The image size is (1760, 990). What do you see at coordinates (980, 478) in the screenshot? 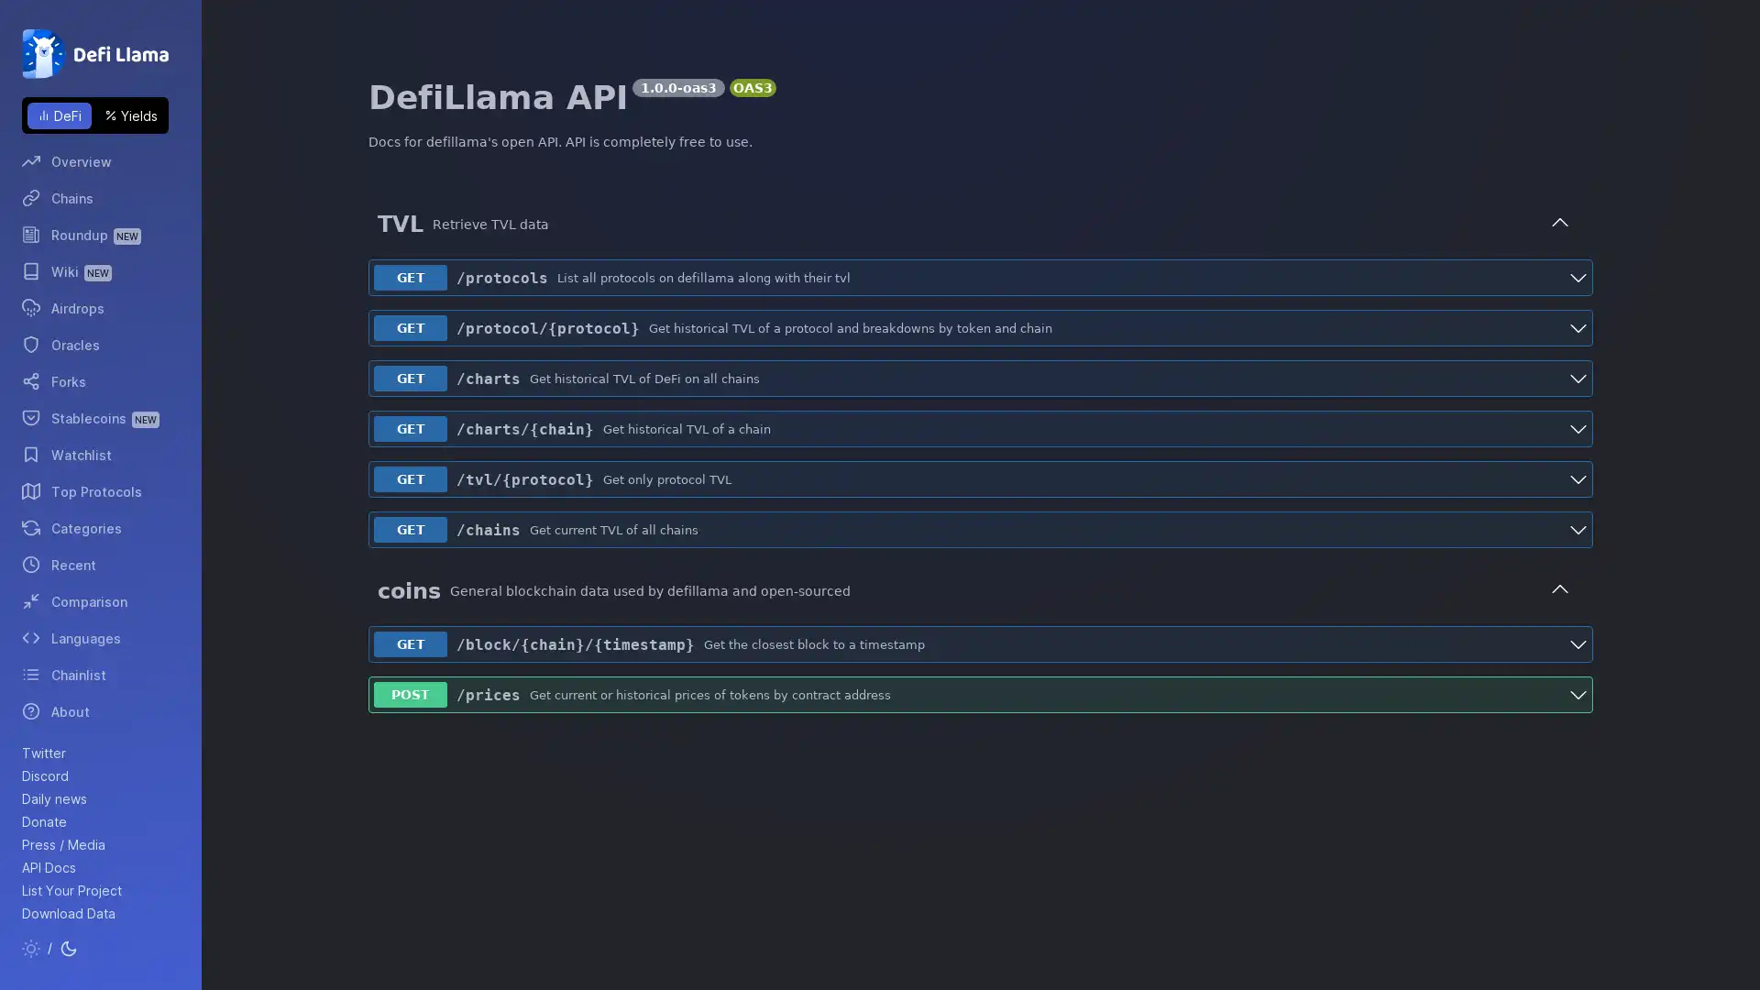
I see `get /tvl/{protocol}` at bounding box center [980, 478].